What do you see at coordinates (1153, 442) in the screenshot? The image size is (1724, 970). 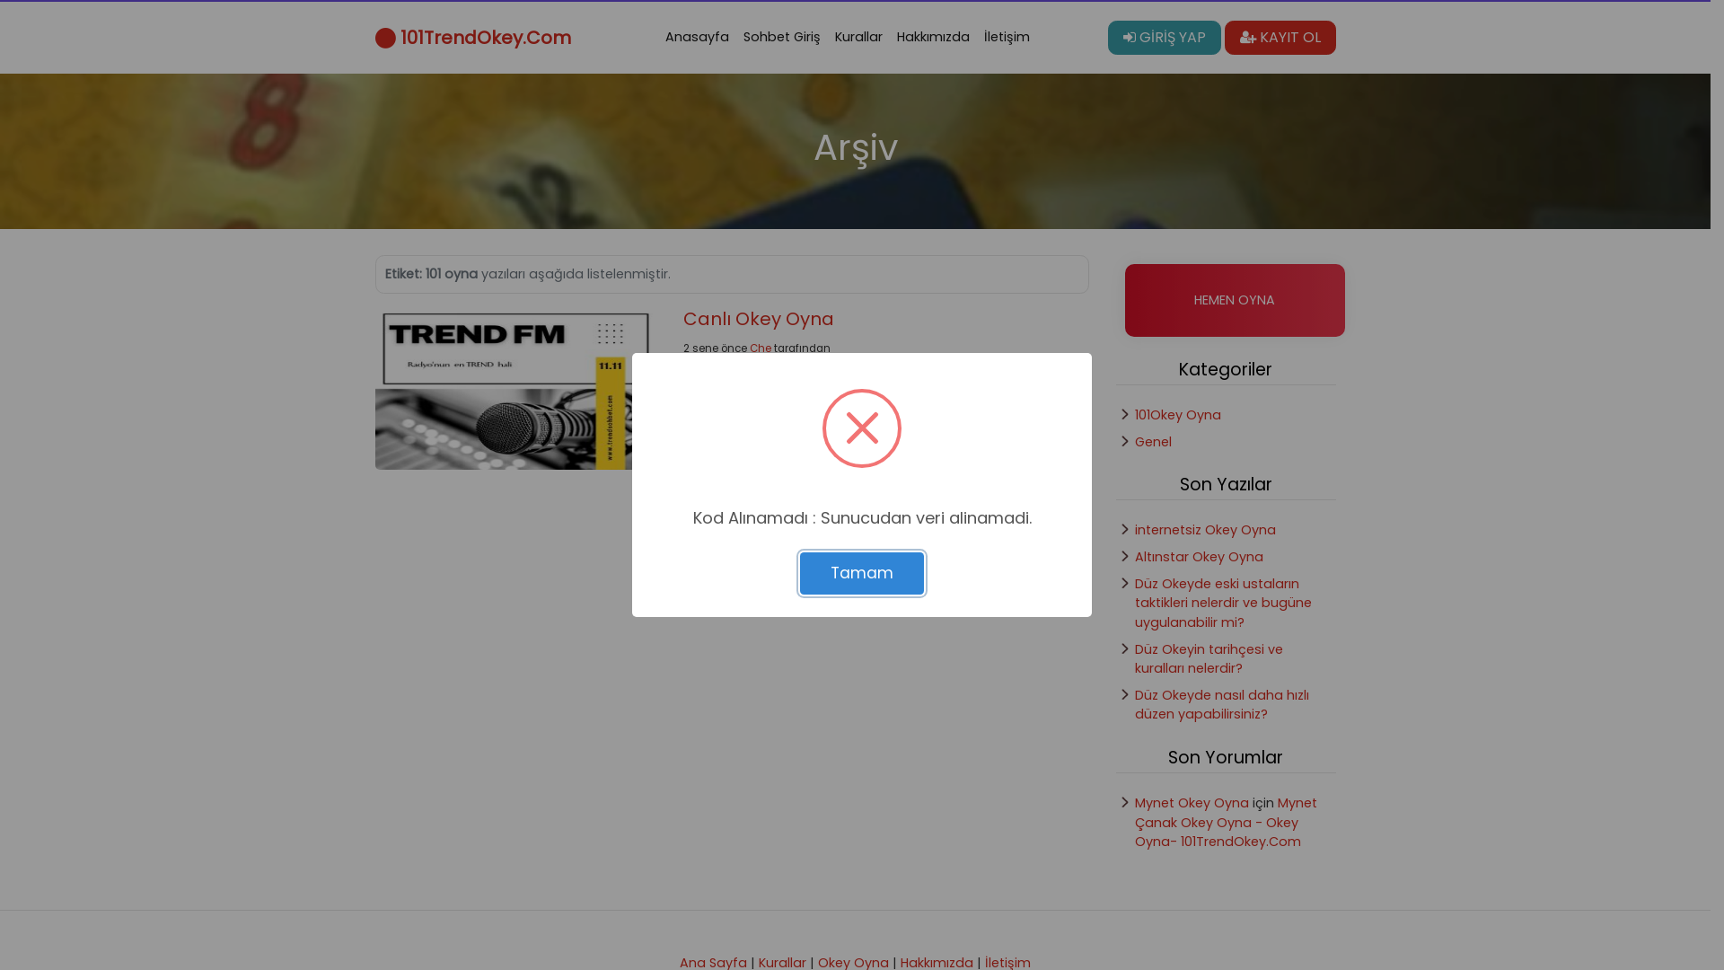 I see `'Genel'` at bounding box center [1153, 442].